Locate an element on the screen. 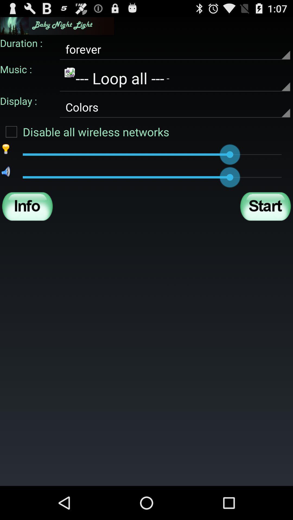 This screenshot has width=293, height=520. the disable all wireless checkbox is located at coordinates (85, 132).